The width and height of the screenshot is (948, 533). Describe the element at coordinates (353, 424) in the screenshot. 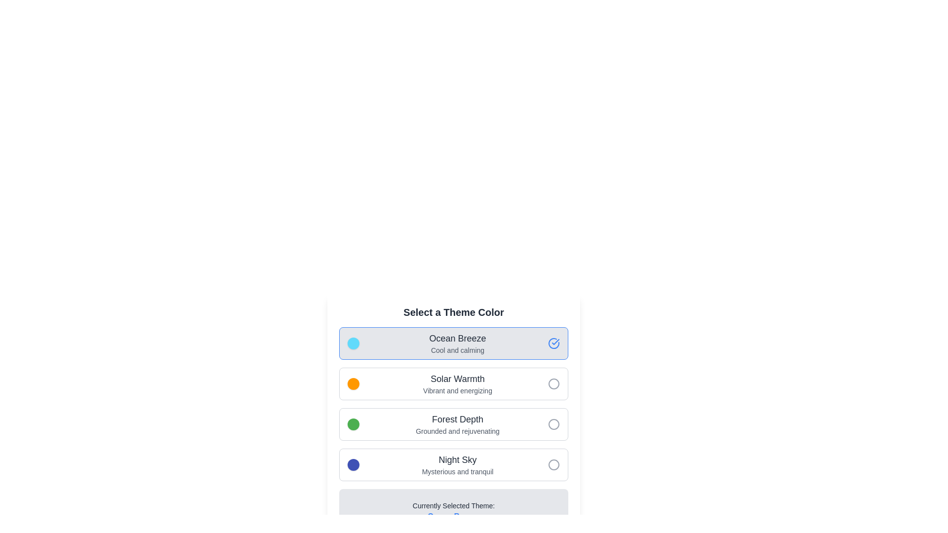

I see `the circular green indicator located on the left of the 'Forest Depth' list card, which is positioned third from the top in a column of similar cards` at that location.